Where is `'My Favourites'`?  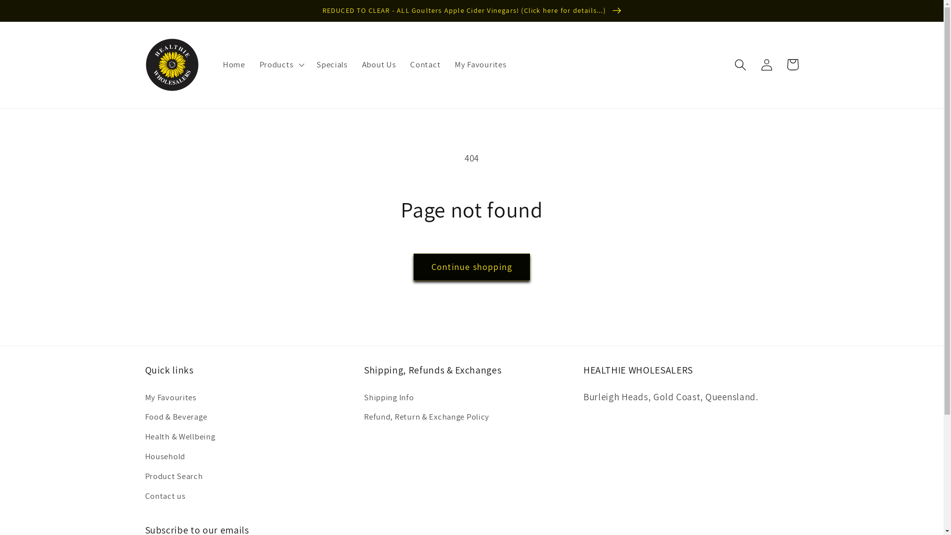
'My Favourites' is located at coordinates (170, 398).